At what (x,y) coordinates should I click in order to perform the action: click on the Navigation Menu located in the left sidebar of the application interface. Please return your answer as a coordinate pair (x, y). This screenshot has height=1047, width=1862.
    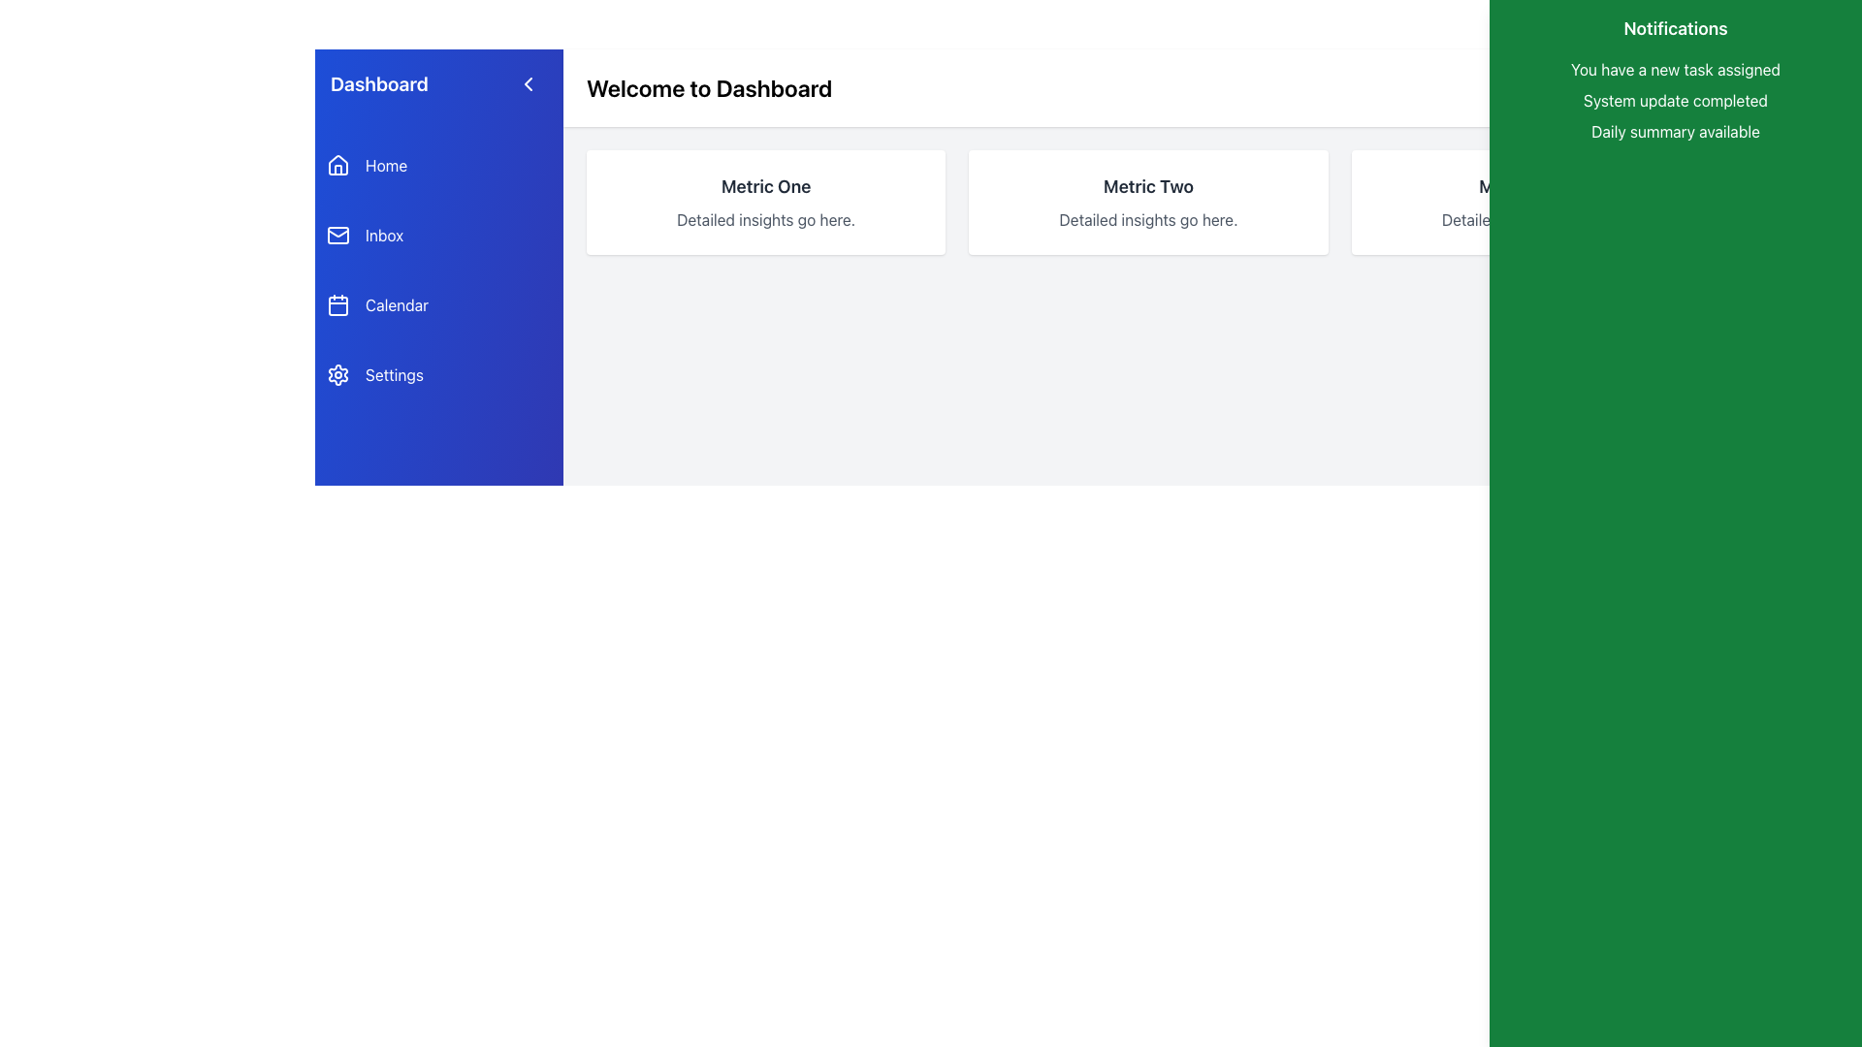
    Looking at the image, I should click on (437, 270).